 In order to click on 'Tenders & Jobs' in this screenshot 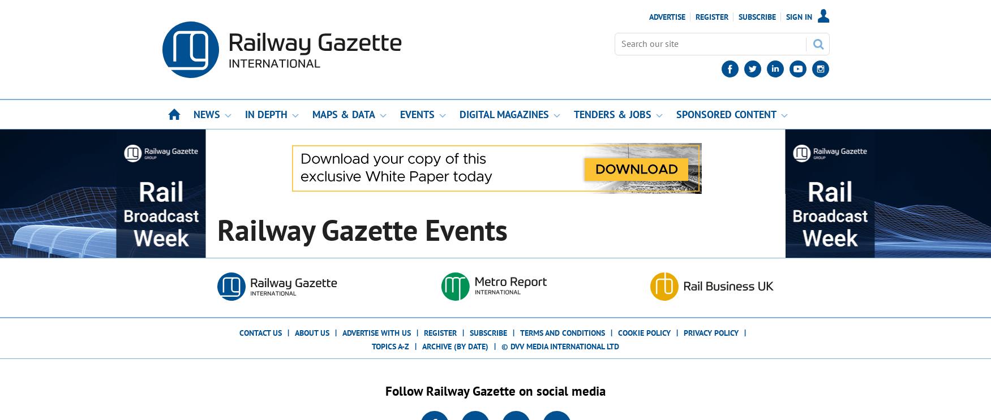, I will do `click(612, 114)`.